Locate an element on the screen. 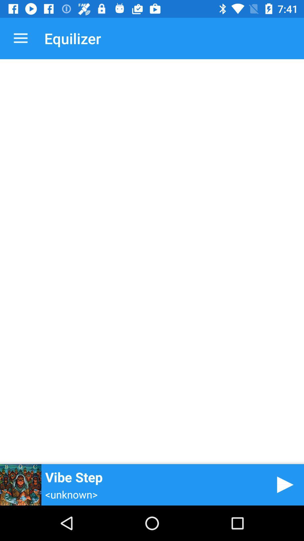 This screenshot has height=541, width=304. icon at the bottom right corner is located at coordinates (283, 484).